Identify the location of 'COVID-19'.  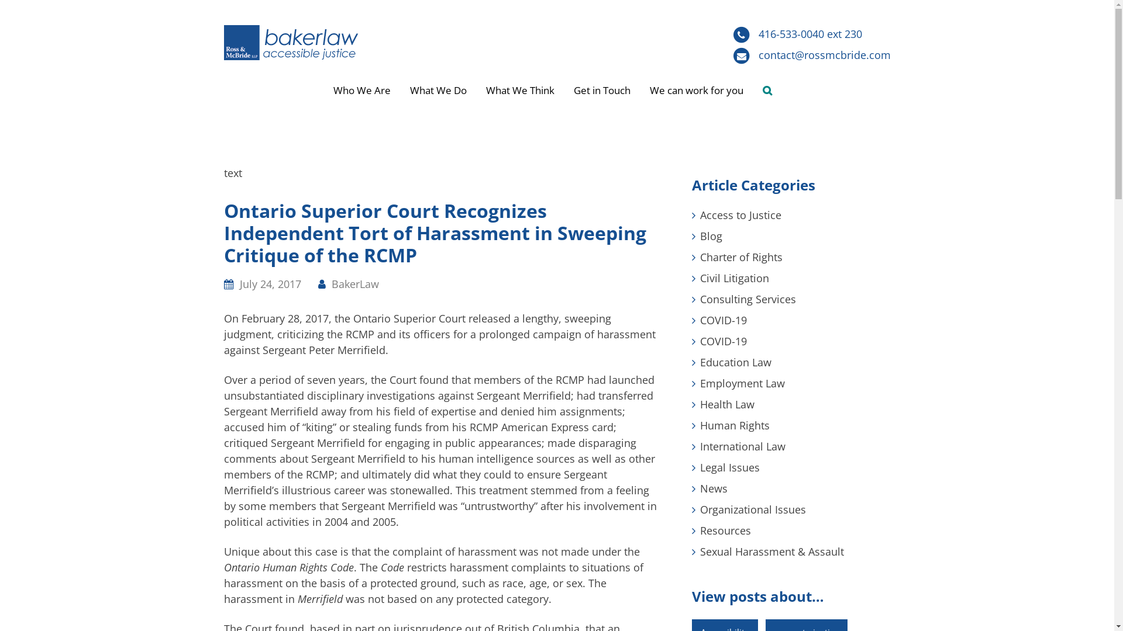
(722, 320).